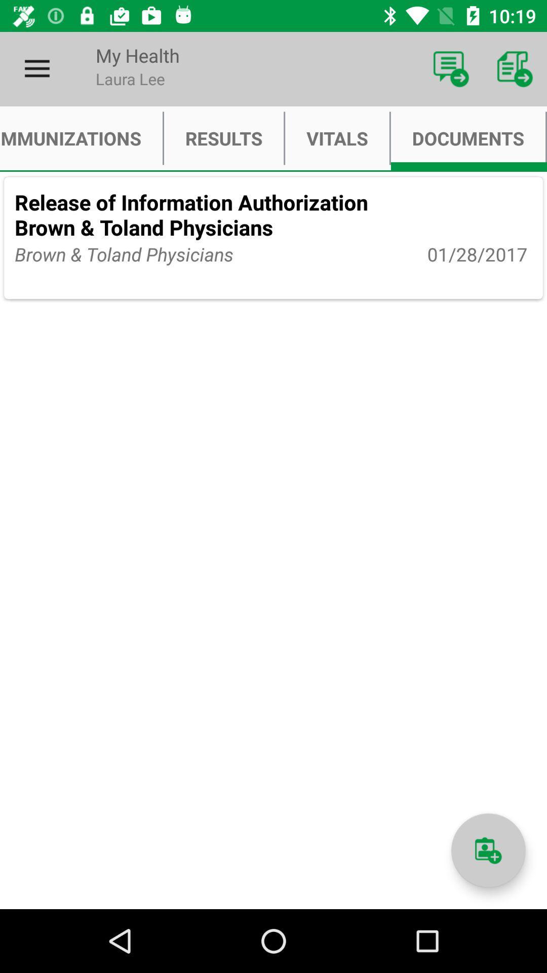  What do you see at coordinates (451, 68) in the screenshot?
I see `icon to the right of my health icon` at bounding box center [451, 68].